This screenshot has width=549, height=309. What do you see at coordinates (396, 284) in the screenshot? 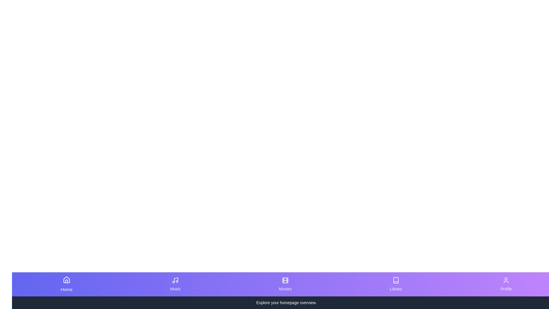
I see `the Library button to observe the transition effect` at bounding box center [396, 284].